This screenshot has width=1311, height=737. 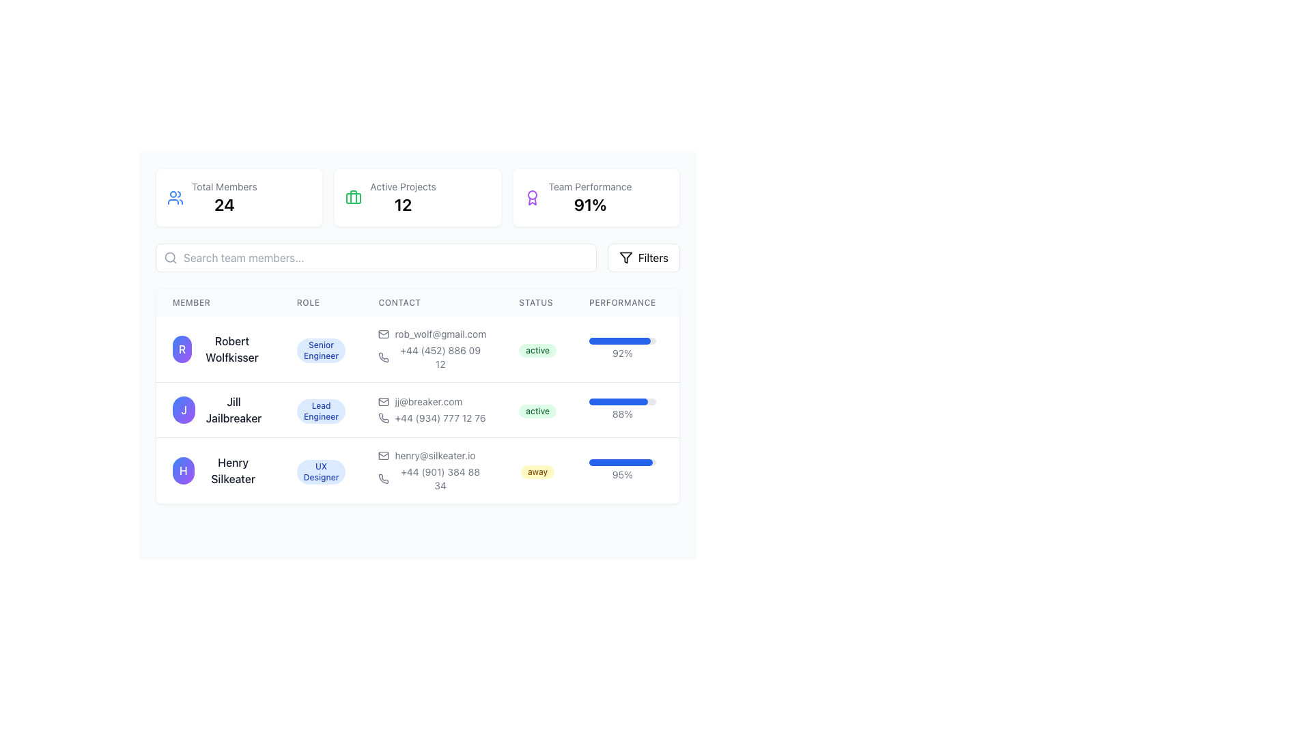 I want to click on the email icon located in the 'CONTACT' column, on the second row of the table, so click(x=383, y=401).